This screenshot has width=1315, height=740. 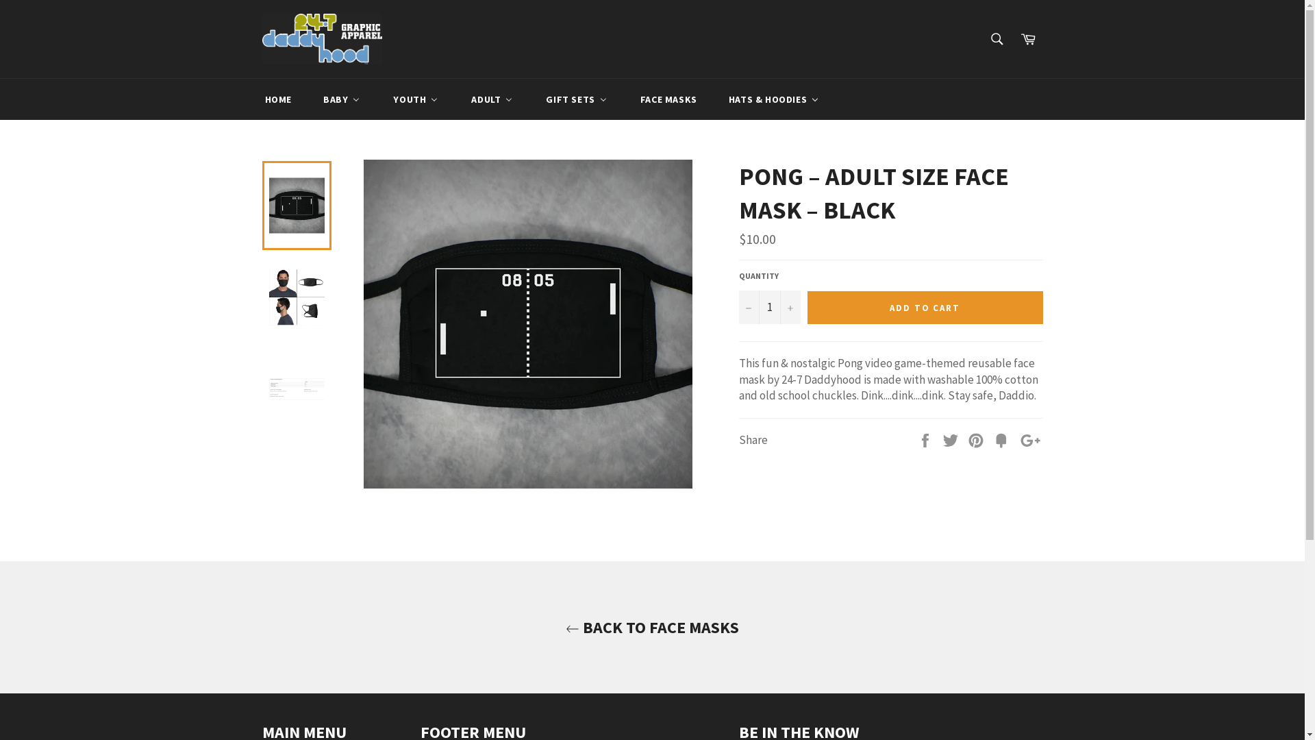 What do you see at coordinates (1030, 439) in the screenshot?
I see `'+1 on Google Plus'` at bounding box center [1030, 439].